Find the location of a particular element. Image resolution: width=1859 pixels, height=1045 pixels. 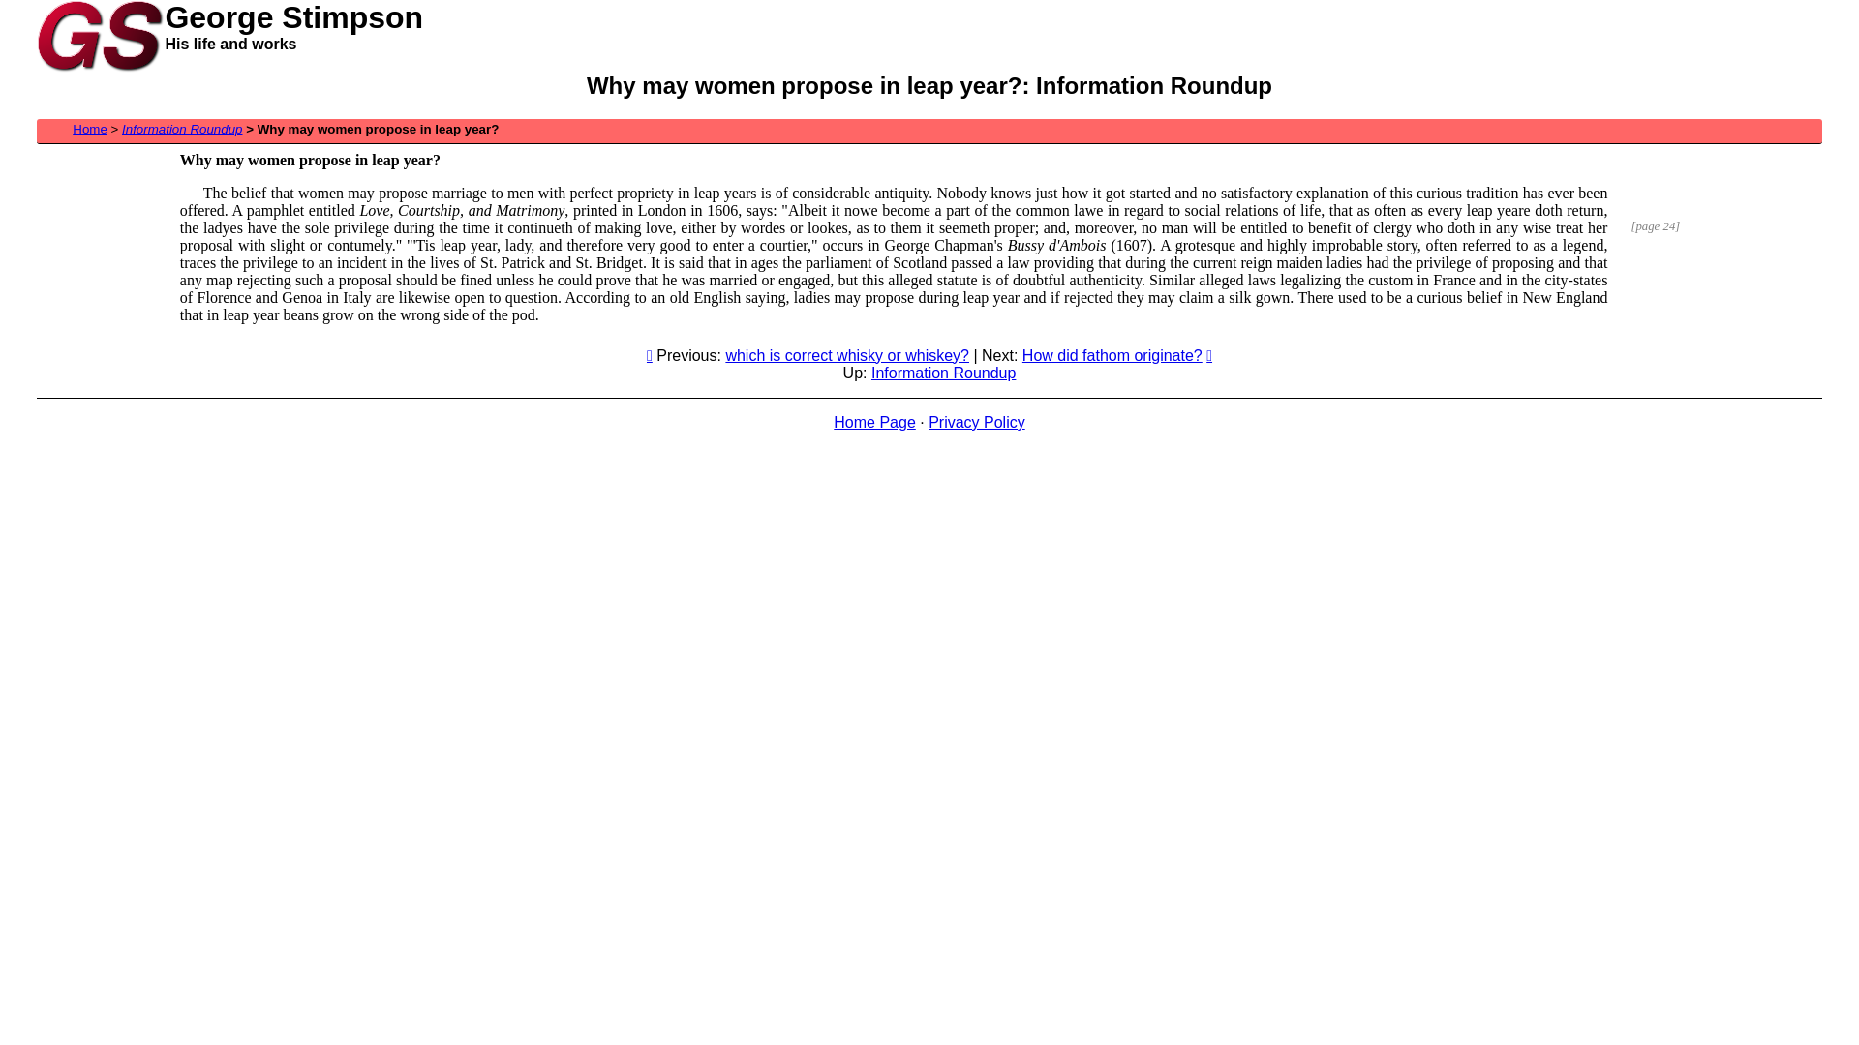

'Privacy Policy' is located at coordinates (928, 421).